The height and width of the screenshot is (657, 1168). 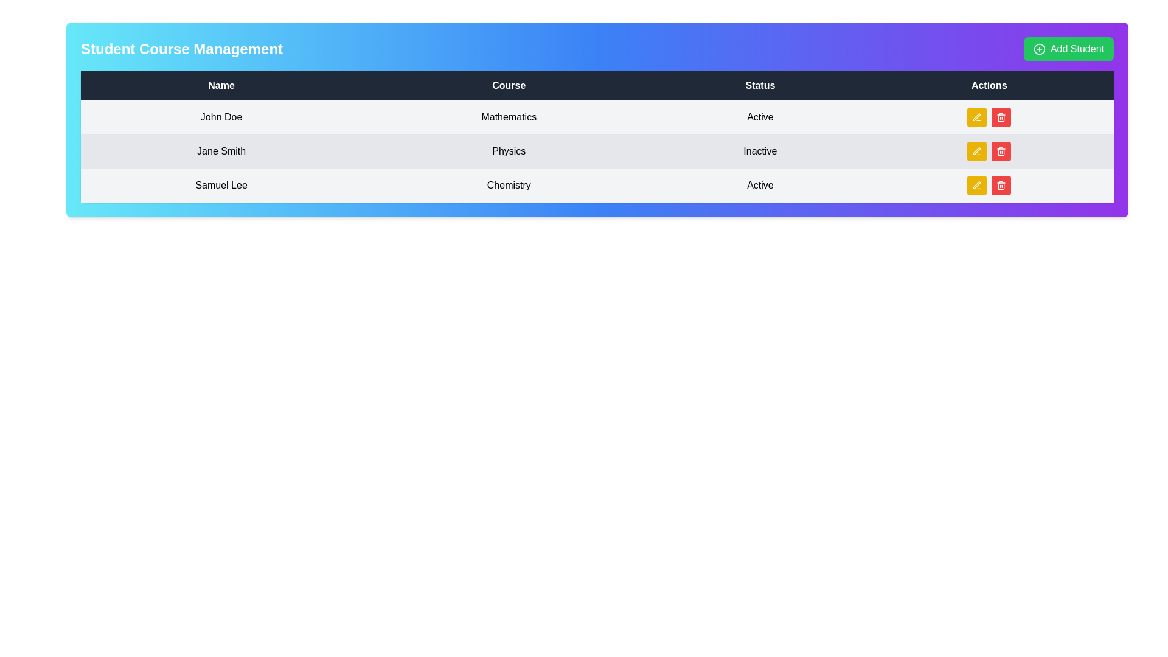 I want to click on the 'Edit' button in the 'Actions' column for the entry of 'Jane Smith' in the second row of the table, so click(x=977, y=151).